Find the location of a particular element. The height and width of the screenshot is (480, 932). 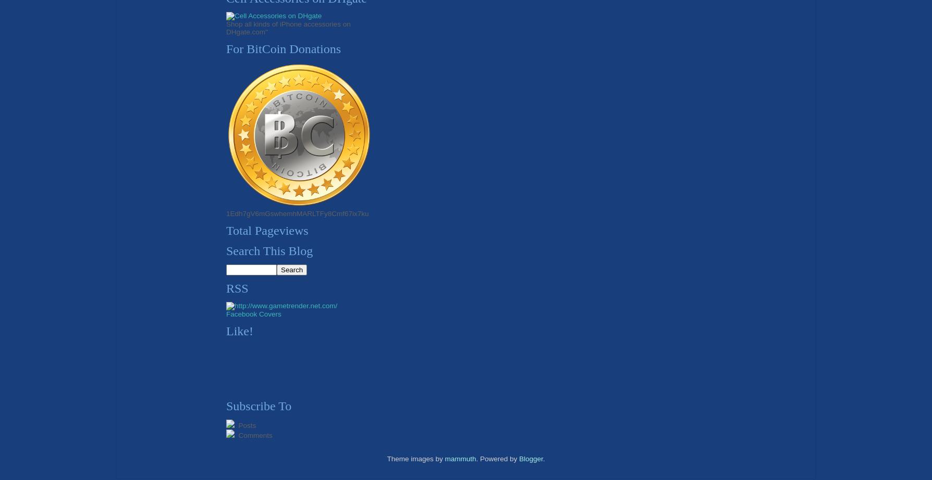

'Like!' is located at coordinates (239, 330).